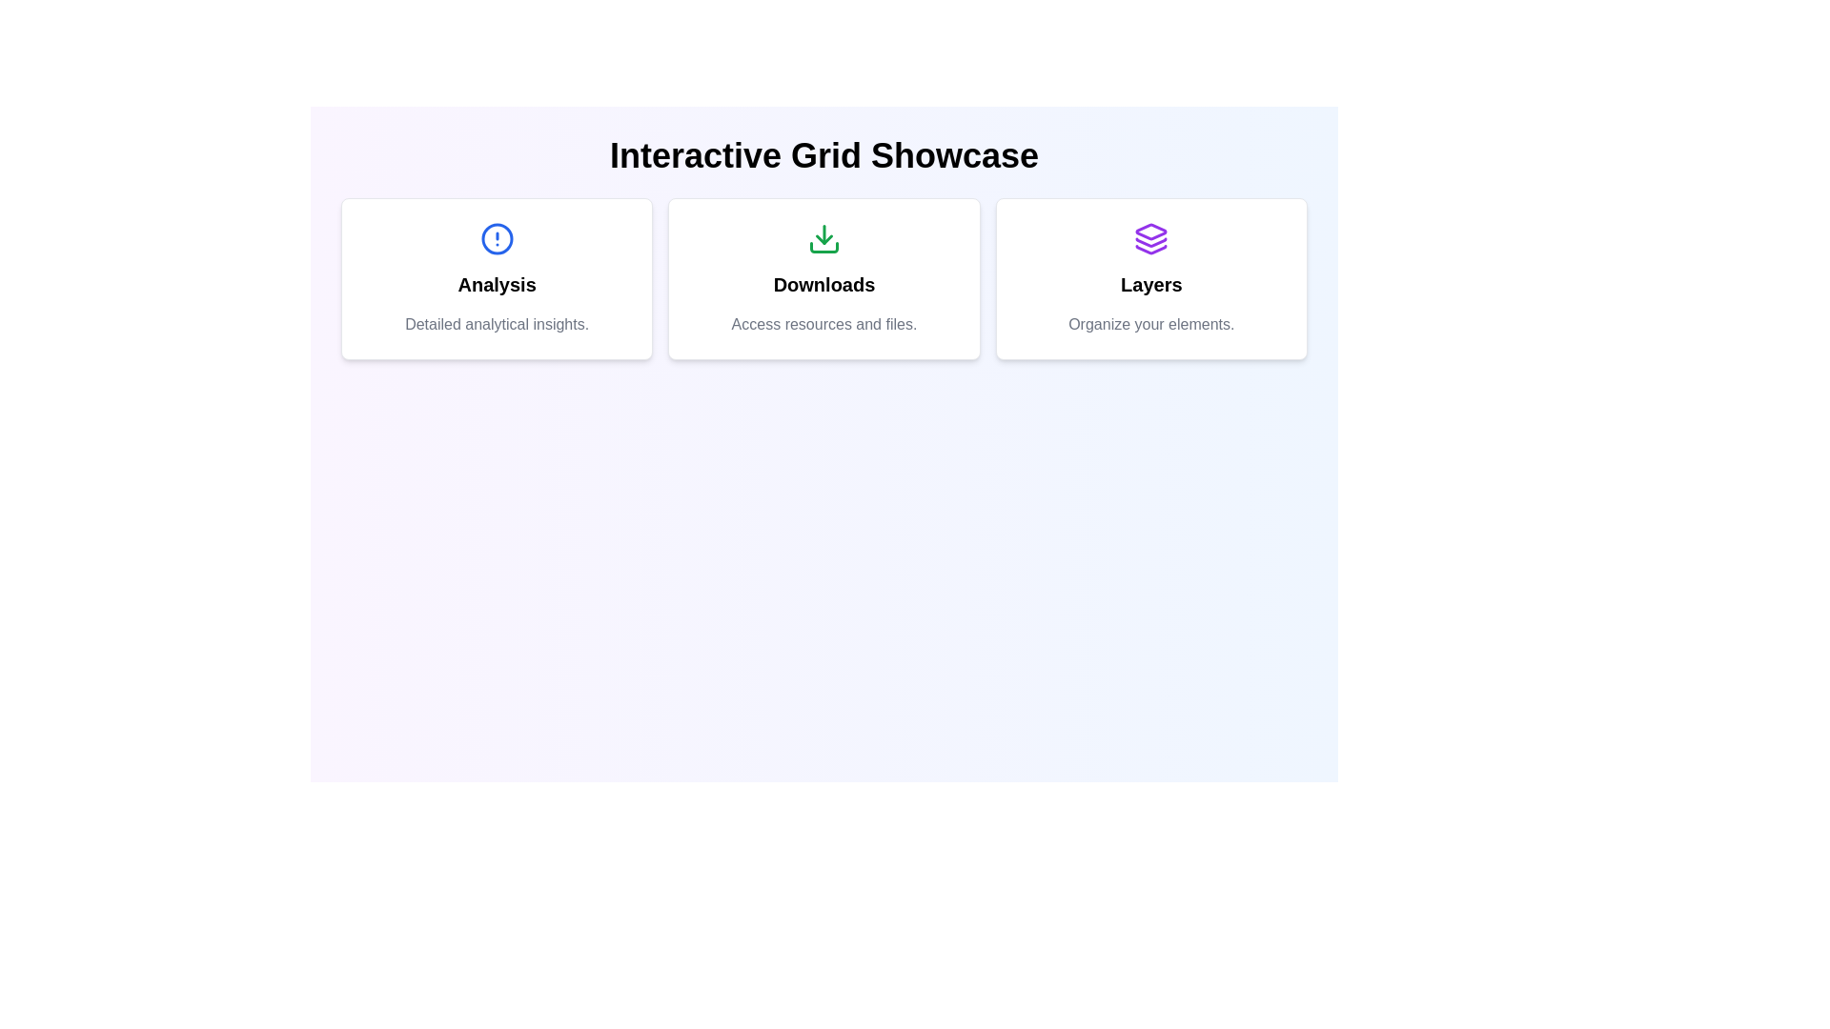 The width and height of the screenshot is (1830, 1029). What do you see at coordinates (1150, 285) in the screenshot?
I see `the Text label that serves as the title for the third card in the Interactive Grid Showcase, positioned in the lower-middle part of the card, below the icon and above the description text` at bounding box center [1150, 285].